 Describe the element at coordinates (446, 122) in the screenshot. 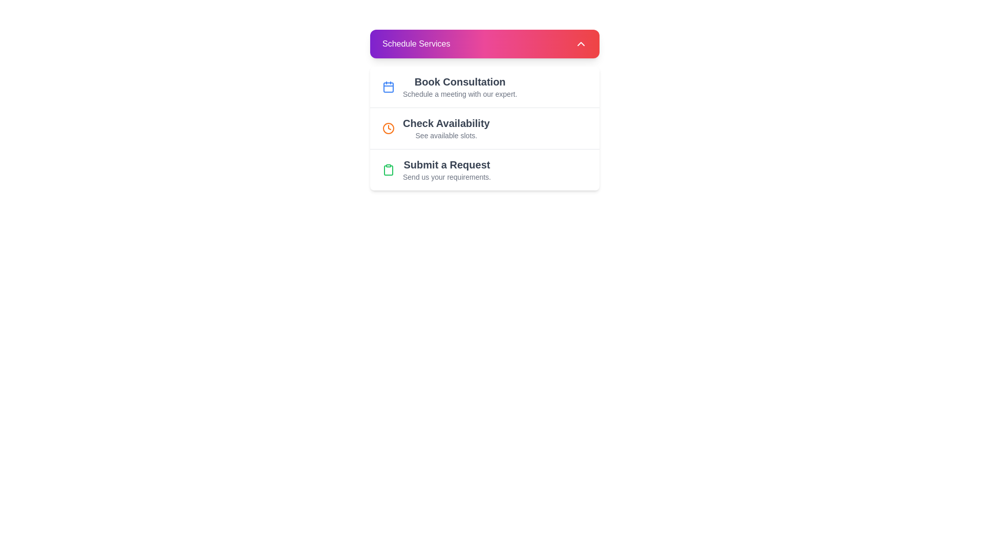

I see `the 'Check Availability' text label, which is the second item in a vertical menu list, styled in a larger bold font and dark gray color` at that location.